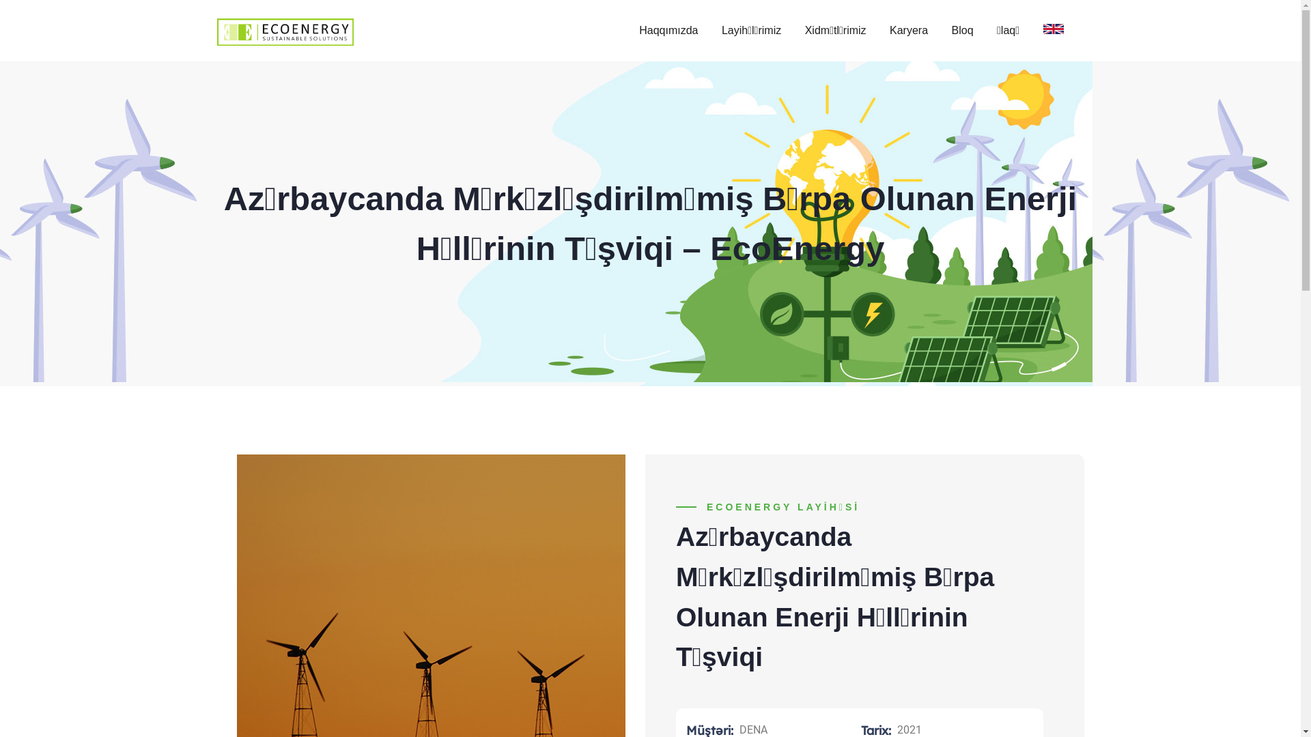  Describe the element at coordinates (908, 31) in the screenshot. I see `'Karyera'` at that location.